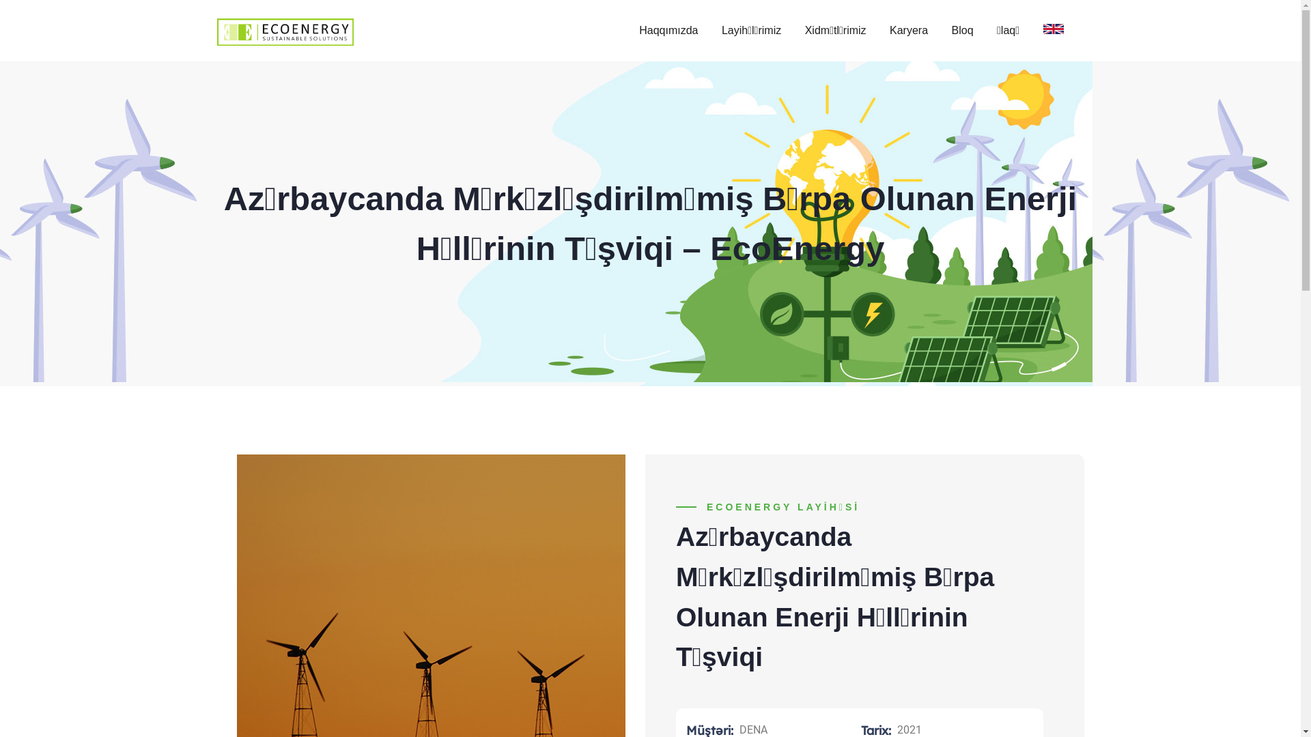  Describe the element at coordinates (908, 31) in the screenshot. I see `'Karyera'` at that location.